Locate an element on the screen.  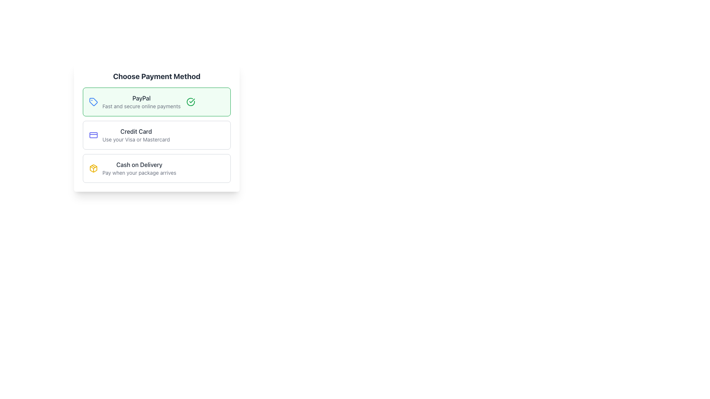
text description indicating the 'Cash on Delivery' payment option located under the heading 'Choose Payment Method', which is the third option in the selection list and has a yellow icon on its left is located at coordinates (139, 168).